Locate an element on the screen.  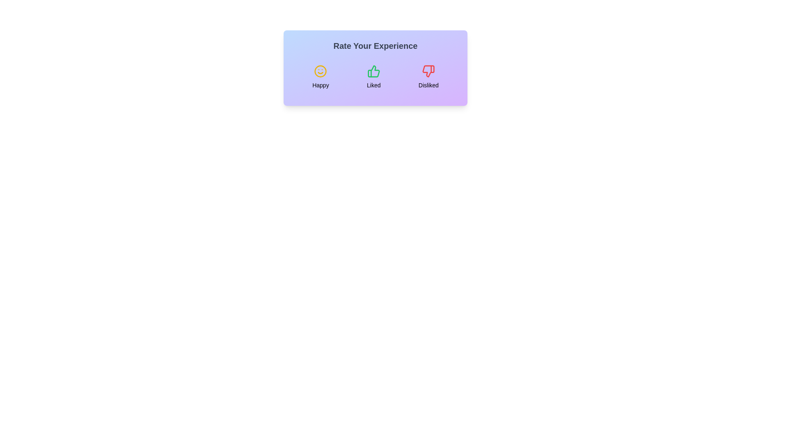
the dislike icon located at the rightmost position beneath the 'Disliked' text to register a dislike action is located at coordinates (428, 71).